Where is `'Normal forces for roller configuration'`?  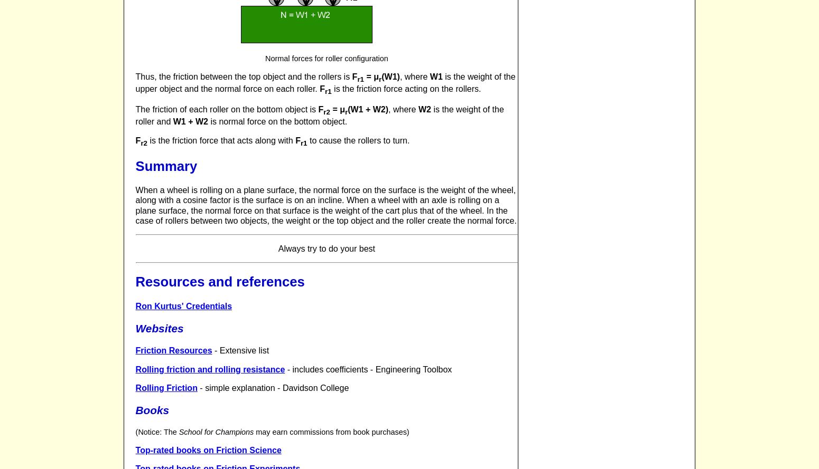 'Normal forces for roller configuration' is located at coordinates (326, 57).